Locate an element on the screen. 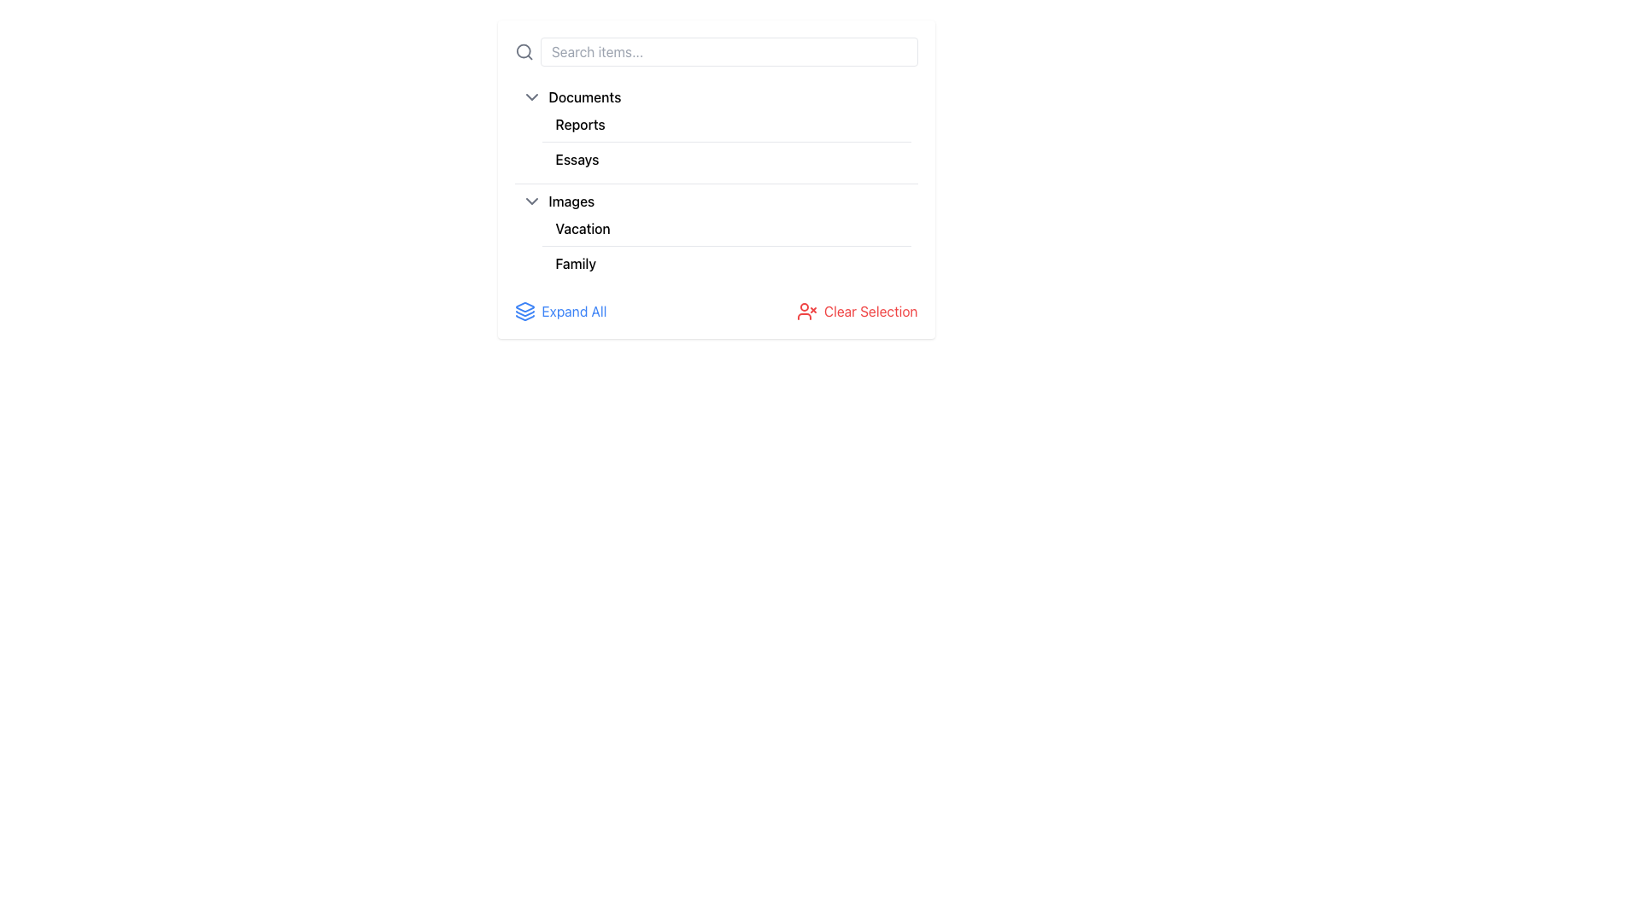 The height and width of the screenshot is (922, 1640). the text label displaying 'Family' in bold, which is located under the 'Images' section and below the 'Vacation' item is located at coordinates (576, 263).